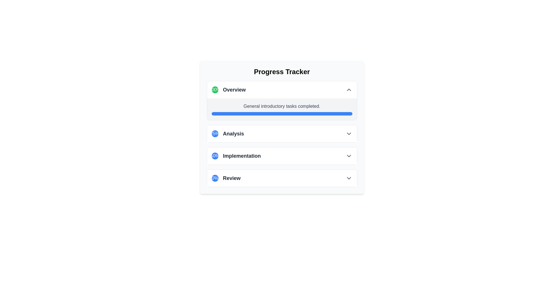 This screenshot has height=308, width=547. I want to click on the chevron icon, so click(348, 134).